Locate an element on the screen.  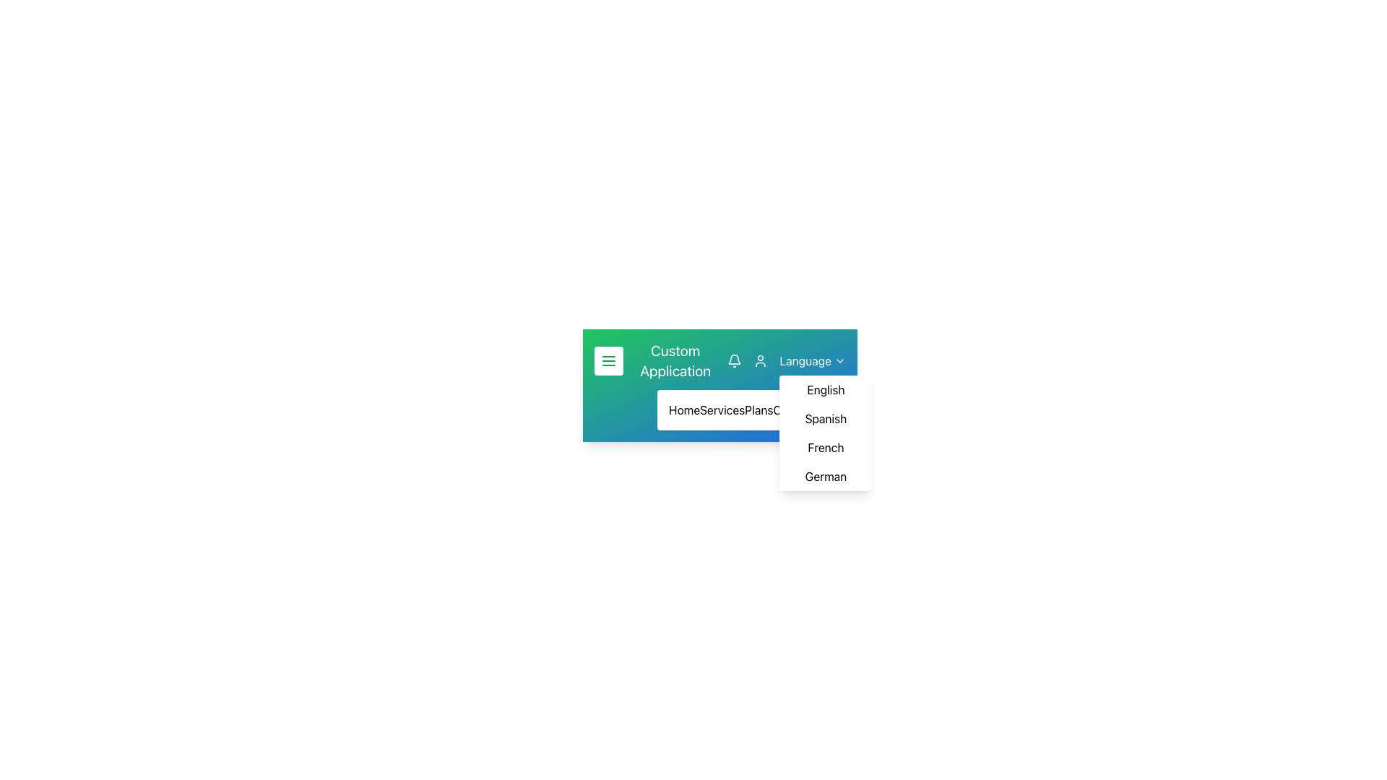
the 'Spanish' option in the dropdown menu located at the top-right section of the interface, which is styled with a light gray hover state and is the second item in the list is located at coordinates (826, 418).